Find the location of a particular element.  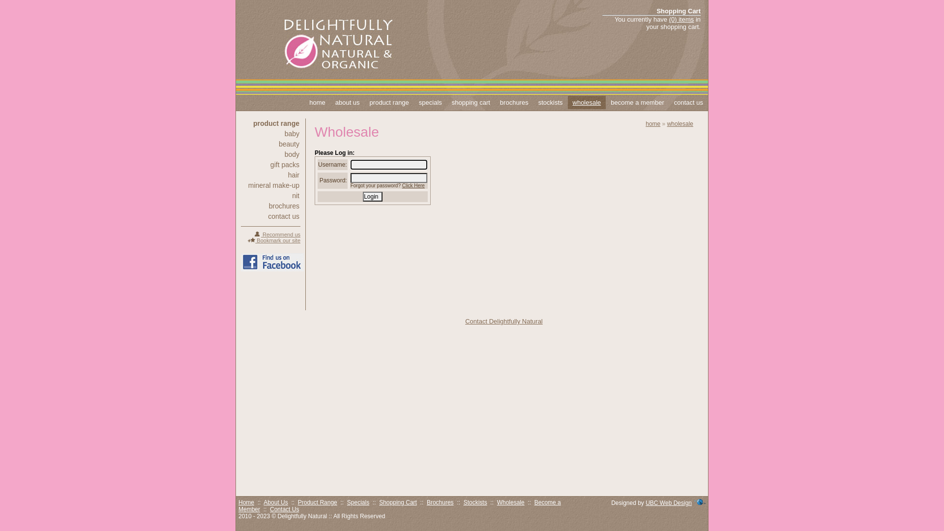

'Find Delightfully Natural on Facebook' is located at coordinates (272, 262).